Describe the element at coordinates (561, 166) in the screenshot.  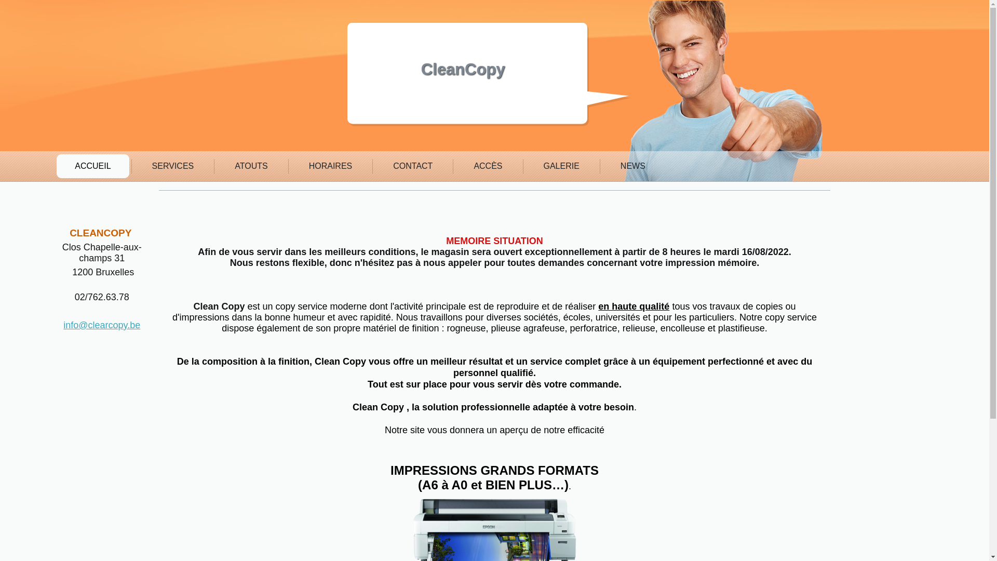
I see `'GALERIE'` at that location.